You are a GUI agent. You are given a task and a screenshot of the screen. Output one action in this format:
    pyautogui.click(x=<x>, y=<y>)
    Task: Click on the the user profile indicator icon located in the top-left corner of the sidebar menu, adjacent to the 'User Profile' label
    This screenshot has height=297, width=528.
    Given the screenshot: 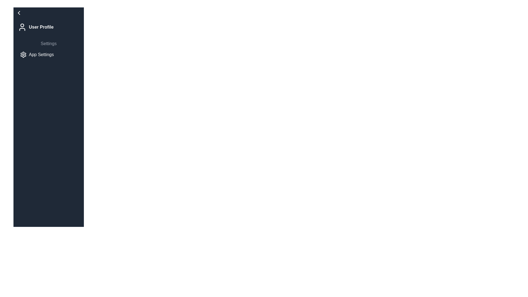 What is the action you would take?
    pyautogui.click(x=22, y=27)
    